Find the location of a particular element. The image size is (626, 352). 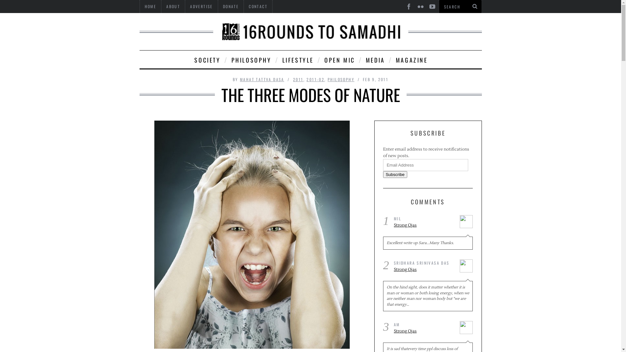

'PHILOSOPHY' is located at coordinates (341, 79).